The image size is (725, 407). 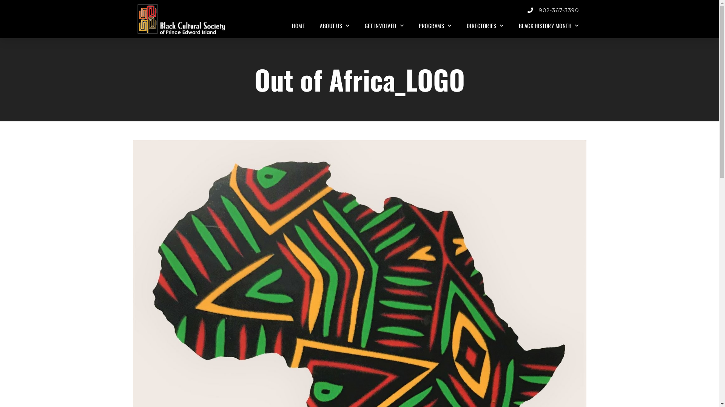 I want to click on 'PROGRAMS', so click(x=435, y=25).